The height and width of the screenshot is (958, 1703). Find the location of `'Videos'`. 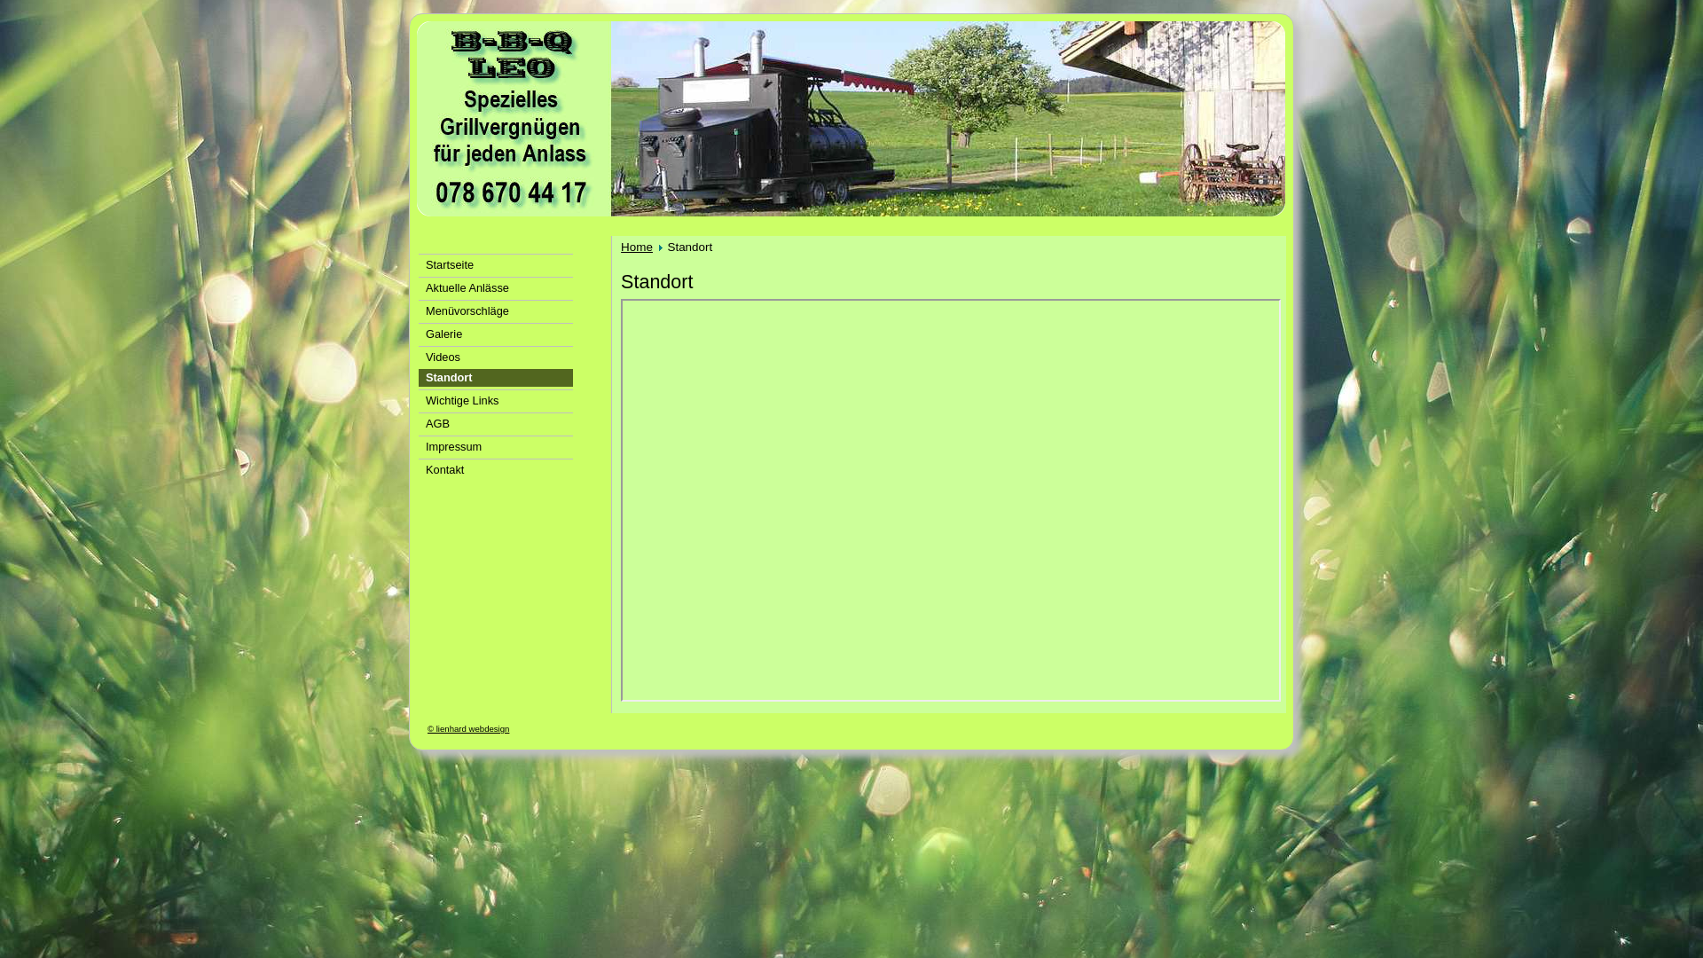

'Videos' is located at coordinates (417, 356).